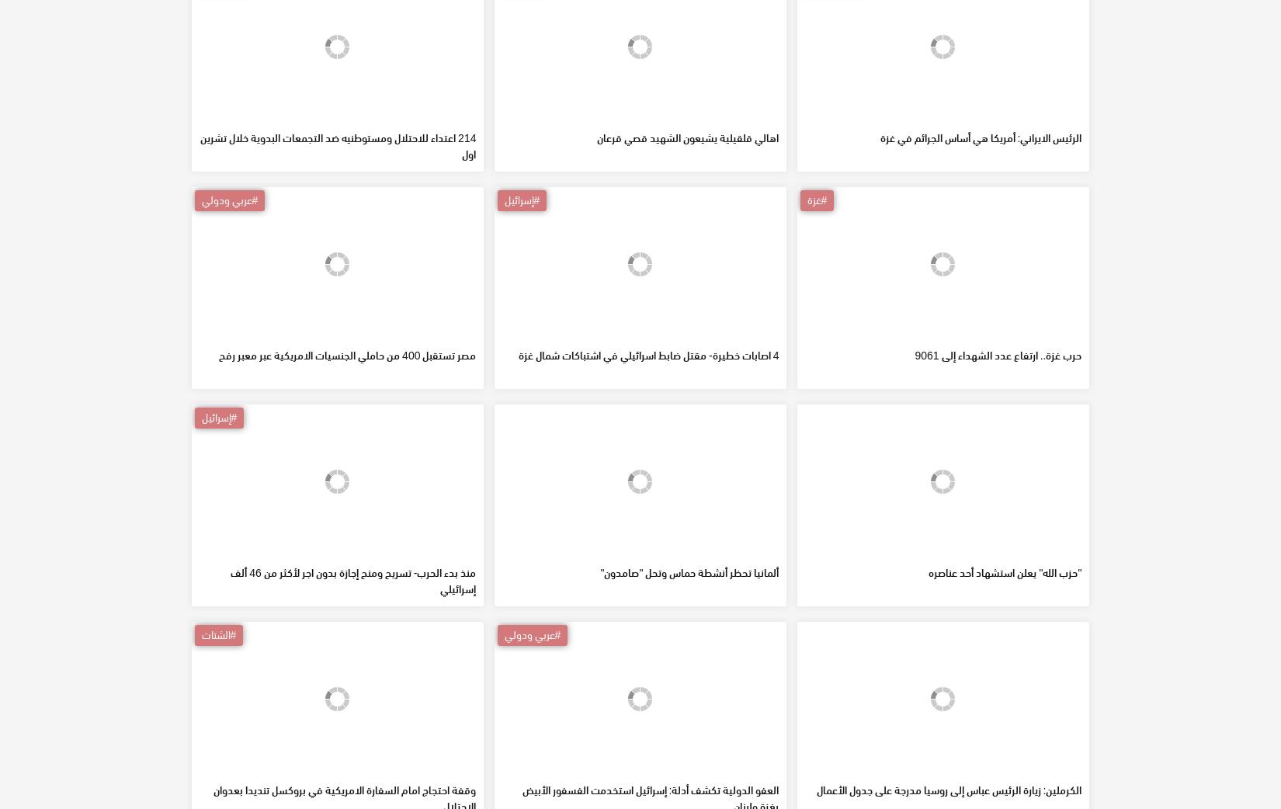 This screenshot has width=1281, height=809. What do you see at coordinates (346, 466) in the screenshot?
I see `'مصر تستقبل 400 من حاملي الجنسيات الامريكية عبر معبر رفح'` at bounding box center [346, 466].